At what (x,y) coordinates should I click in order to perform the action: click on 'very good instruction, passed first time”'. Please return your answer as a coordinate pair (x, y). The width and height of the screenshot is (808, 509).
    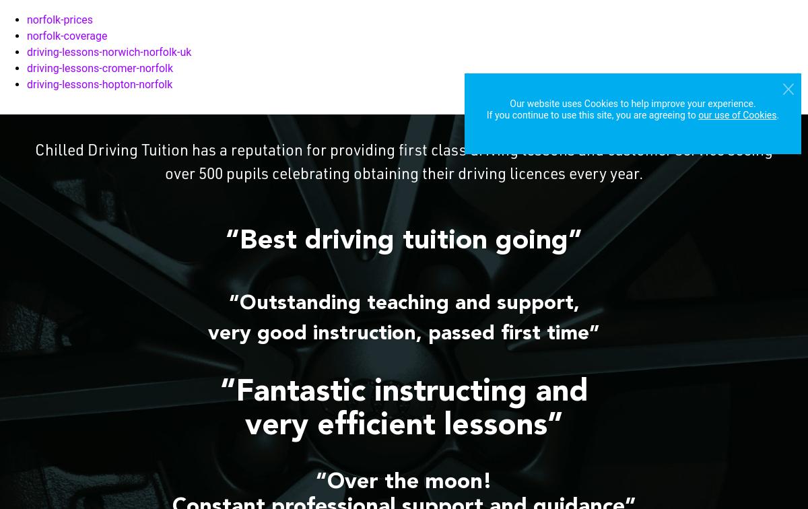
    Looking at the image, I should click on (404, 334).